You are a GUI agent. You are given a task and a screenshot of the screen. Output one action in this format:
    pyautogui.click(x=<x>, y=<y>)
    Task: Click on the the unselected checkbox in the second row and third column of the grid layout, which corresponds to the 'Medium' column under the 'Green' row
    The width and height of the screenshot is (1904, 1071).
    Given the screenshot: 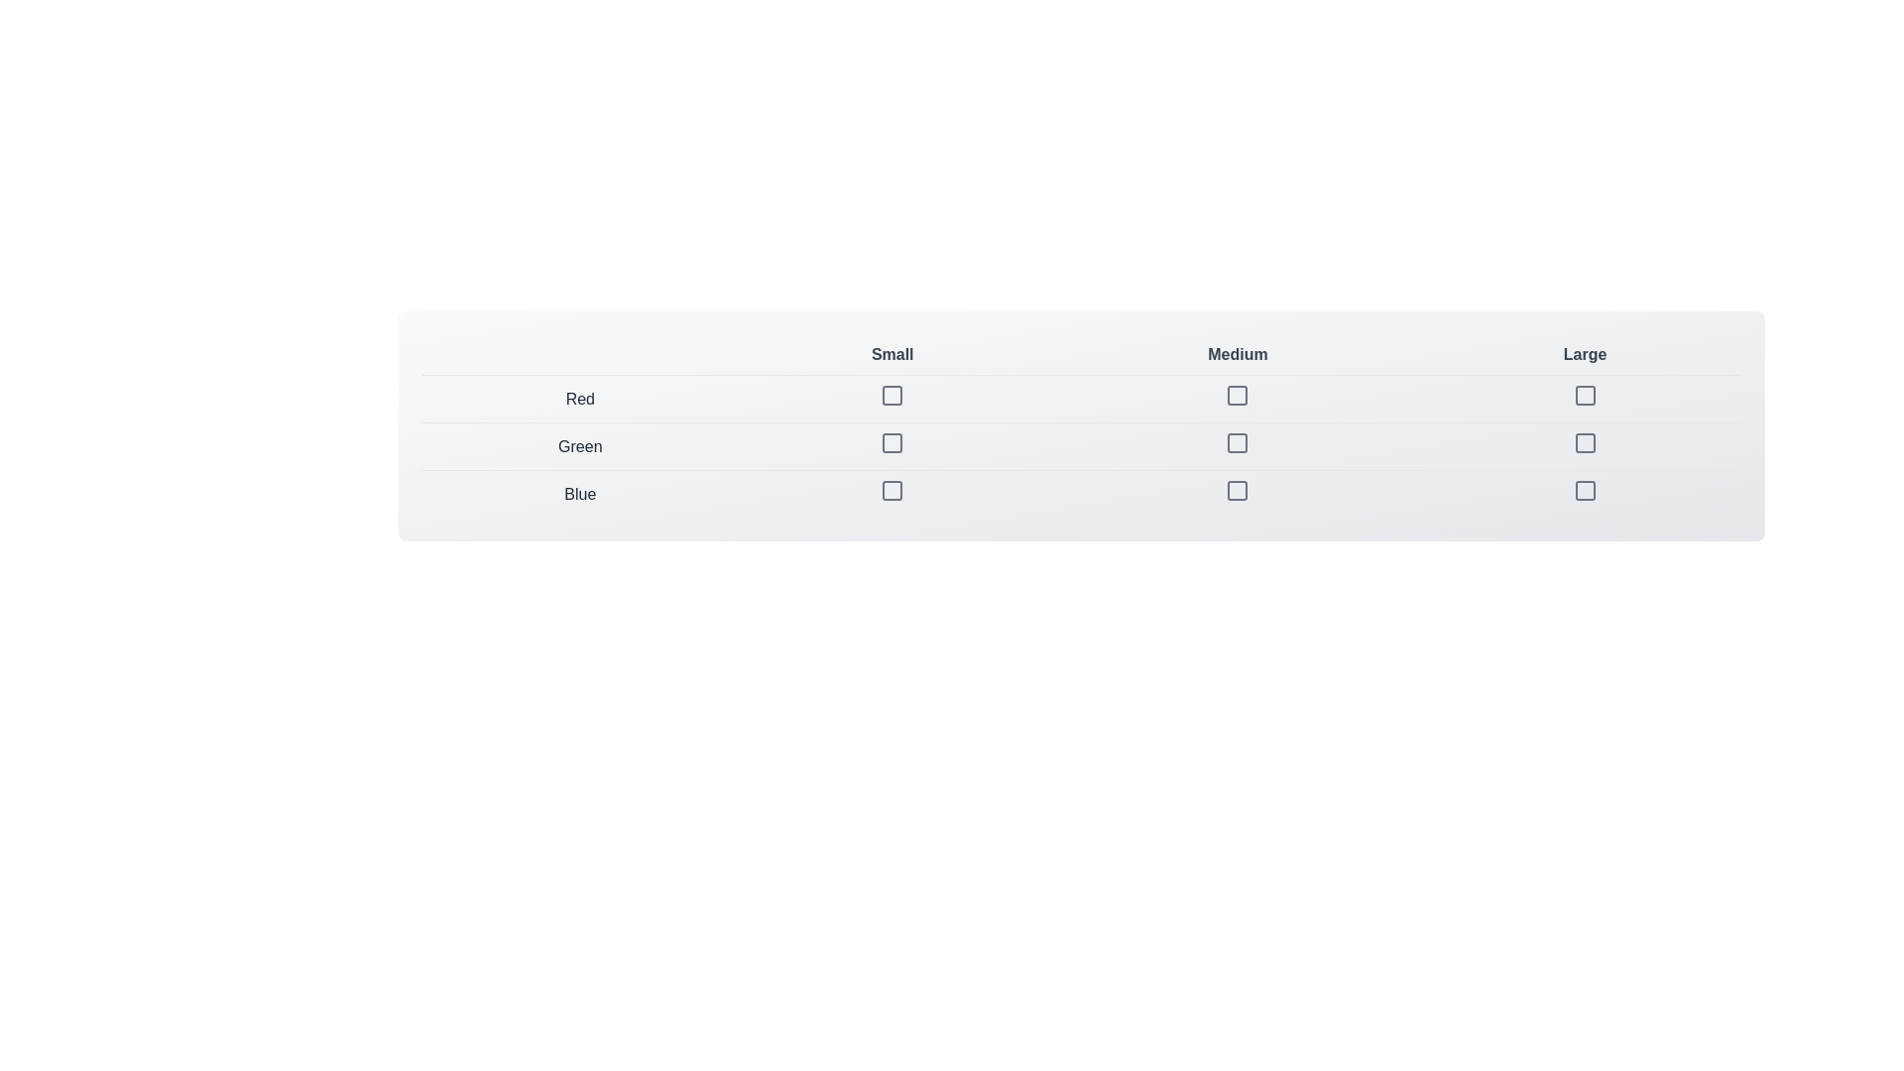 What is the action you would take?
    pyautogui.click(x=1237, y=442)
    